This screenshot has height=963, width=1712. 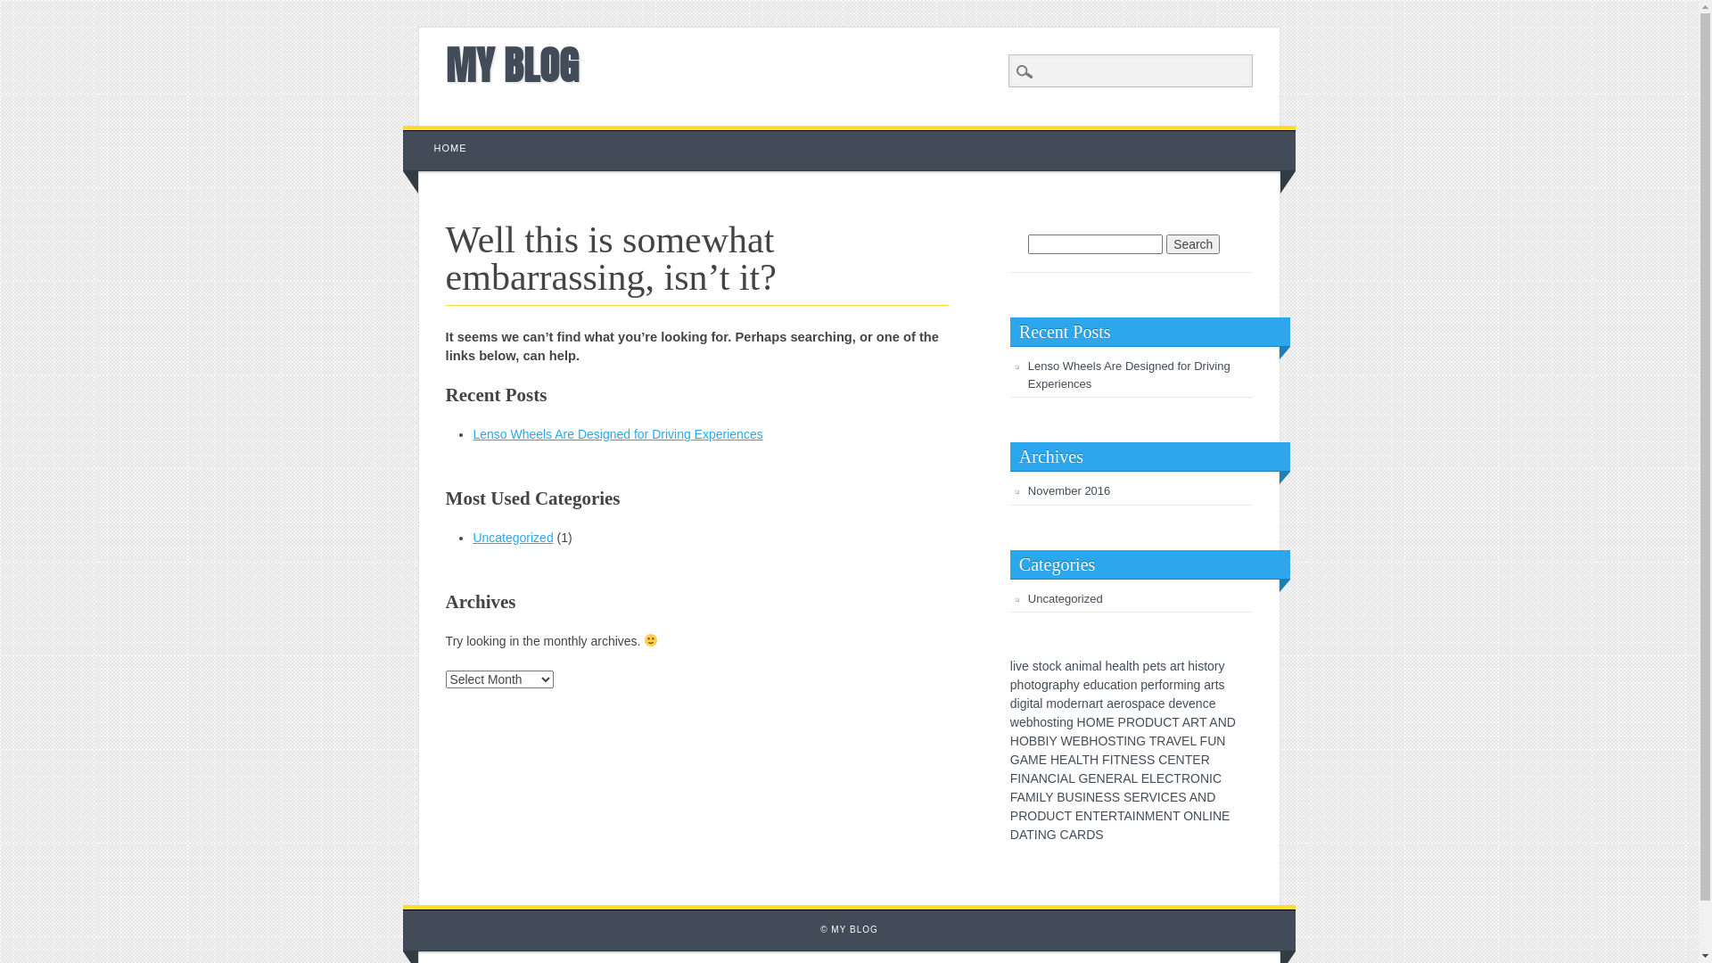 What do you see at coordinates (1072, 835) in the screenshot?
I see `'A'` at bounding box center [1072, 835].